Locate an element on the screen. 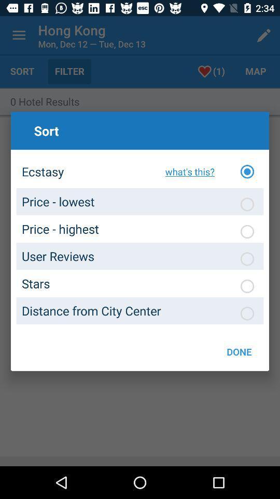 This screenshot has height=499, width=280. ecstasy option is located at coordinates (246, 172).